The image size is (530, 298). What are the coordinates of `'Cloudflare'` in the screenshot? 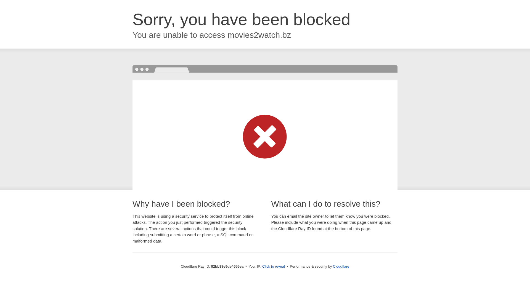 It's located at (341, 266).